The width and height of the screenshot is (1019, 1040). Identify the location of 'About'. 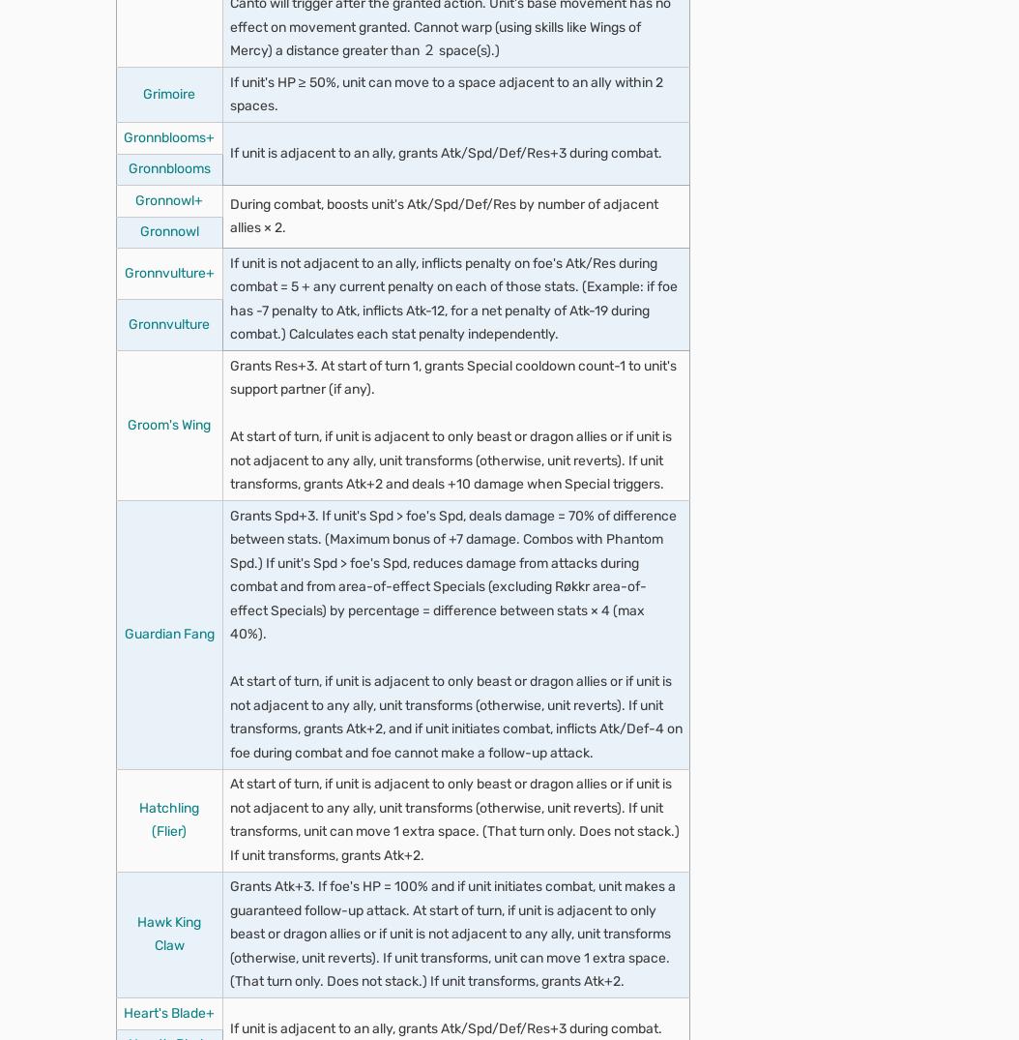
(98, 166).